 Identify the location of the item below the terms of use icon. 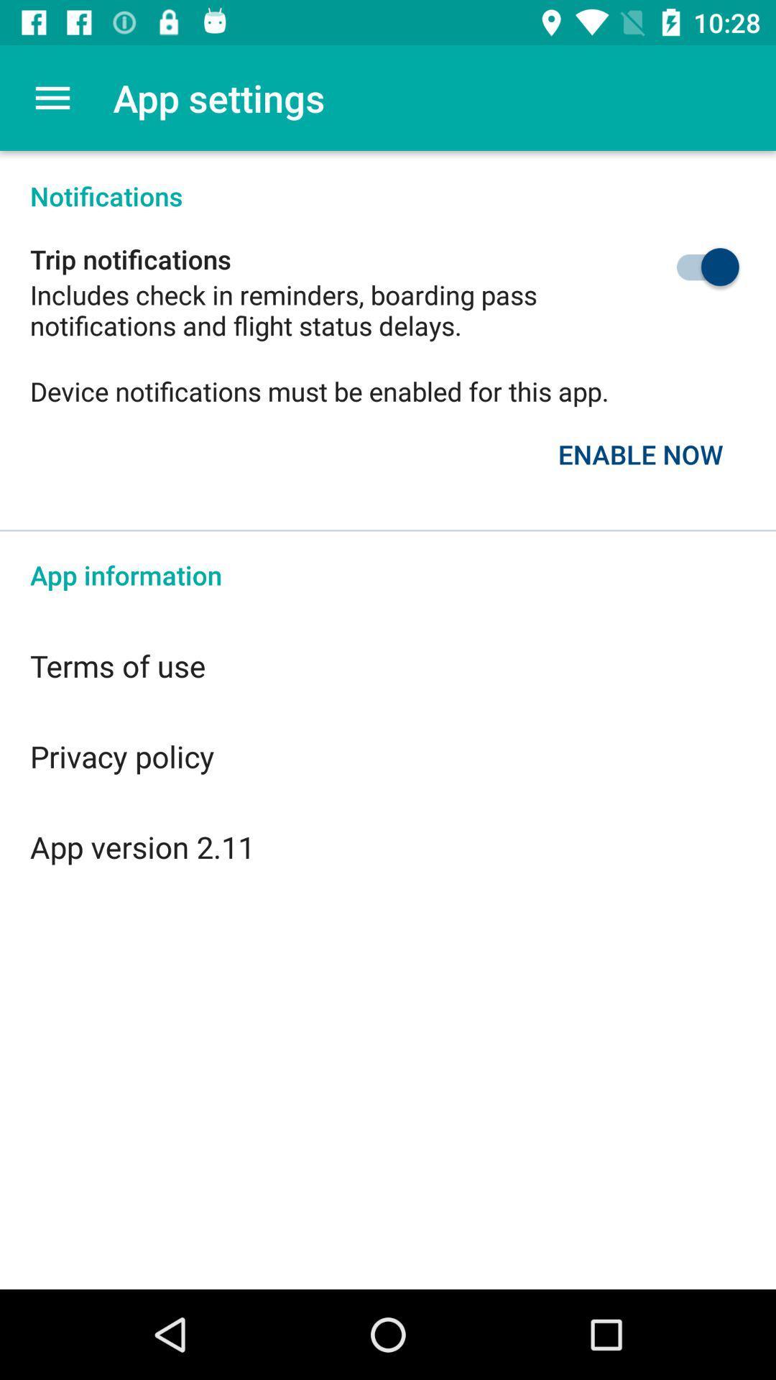
(388, 755).